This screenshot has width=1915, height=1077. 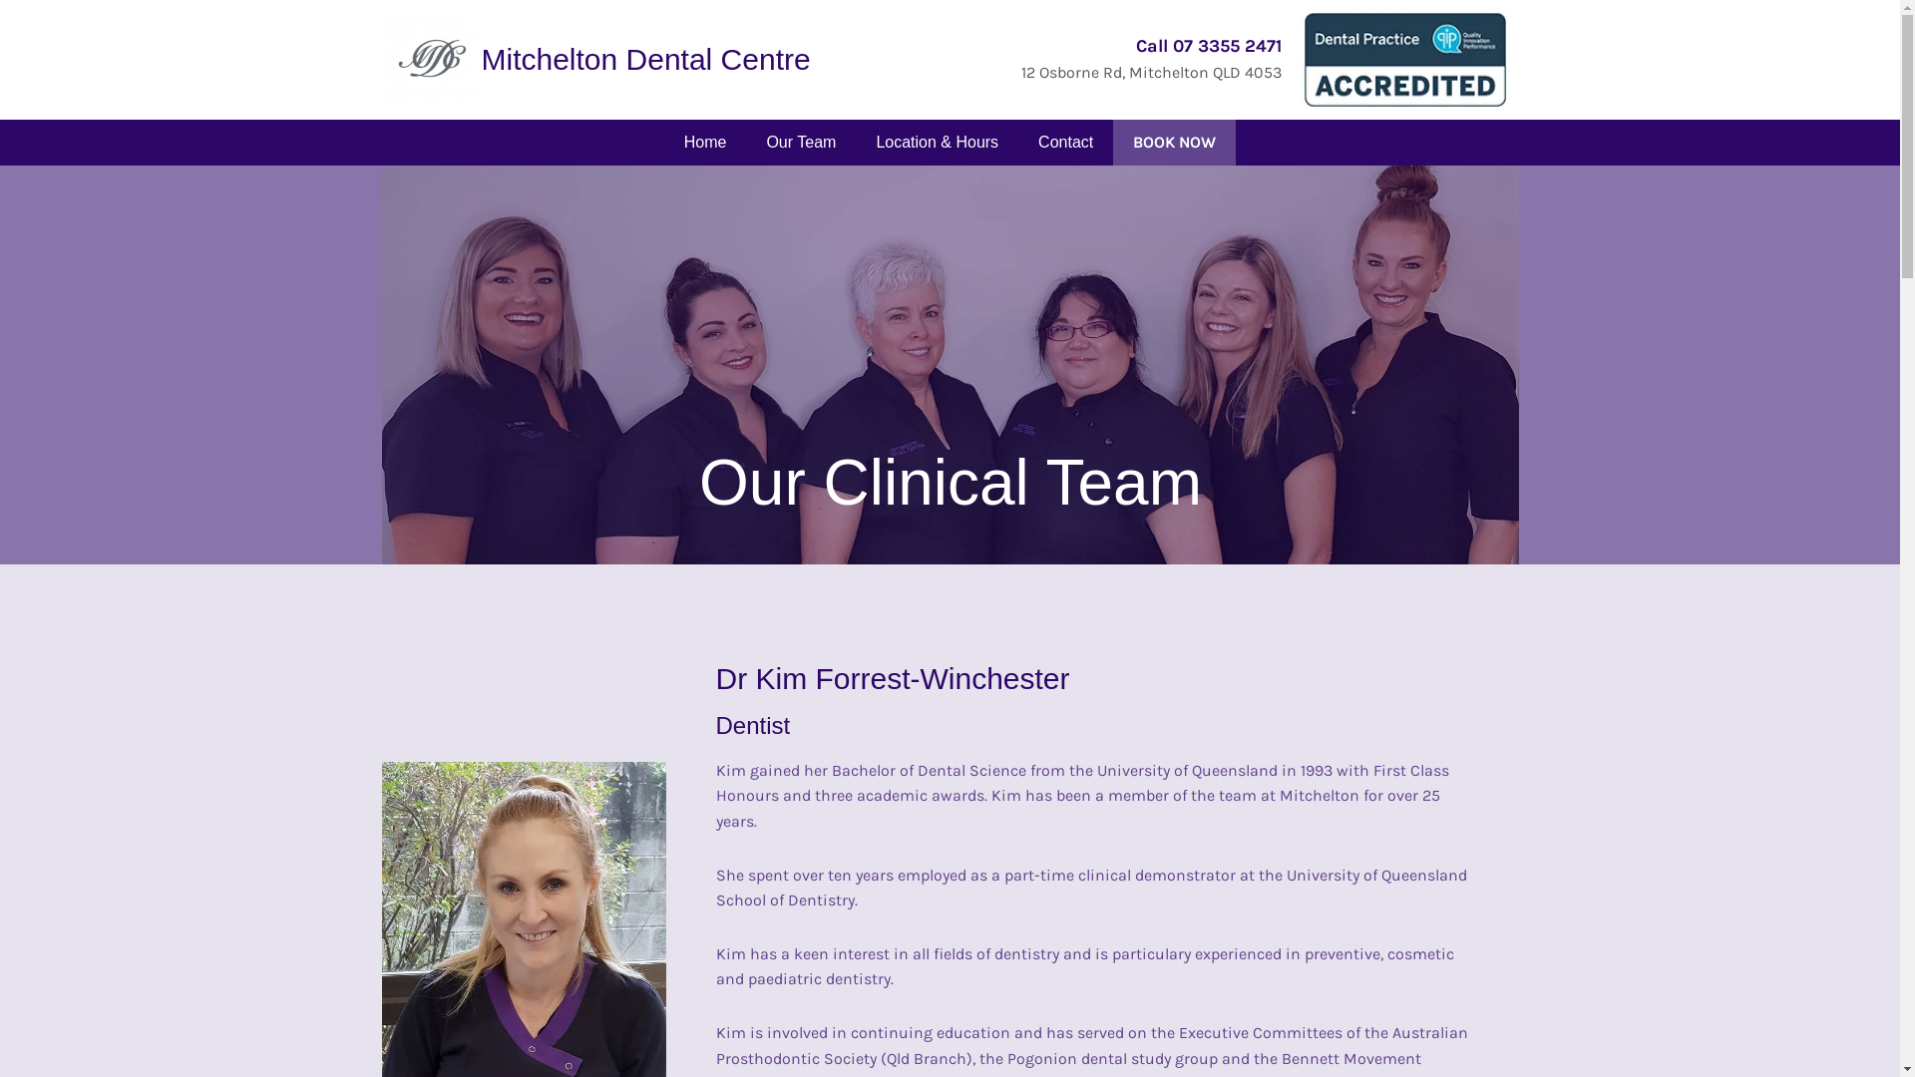 I want to click on 'Call 07 3355 2471', so click(x=1206, y=45).